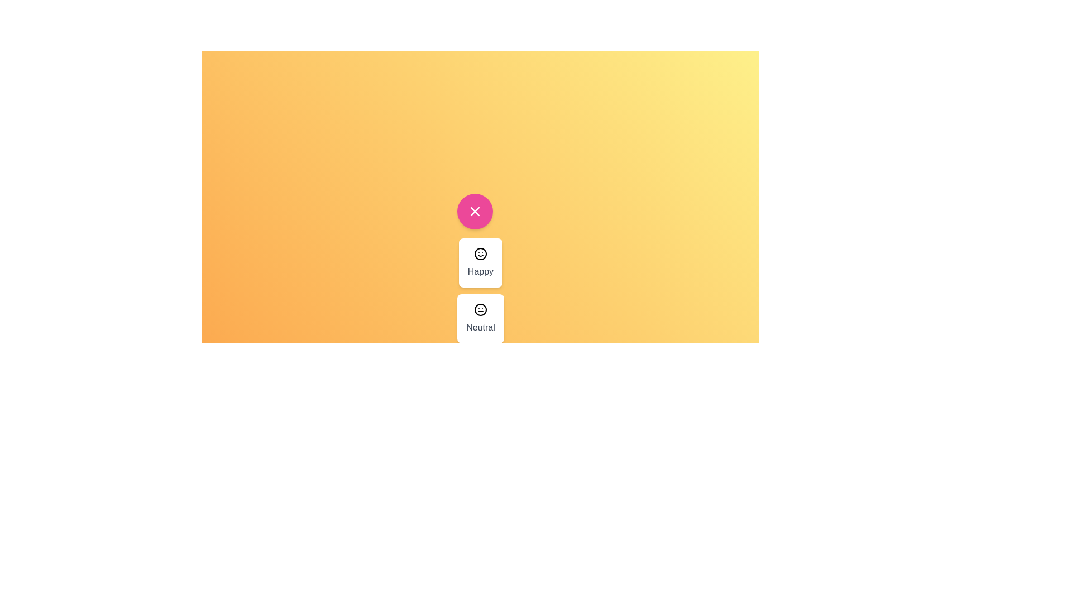 The height and width of the screenshot is (603, 1072). Describe the element at coordinates (475, 211) in the screenshot. I see `the pink button to toggle the menu visibility` at that location.